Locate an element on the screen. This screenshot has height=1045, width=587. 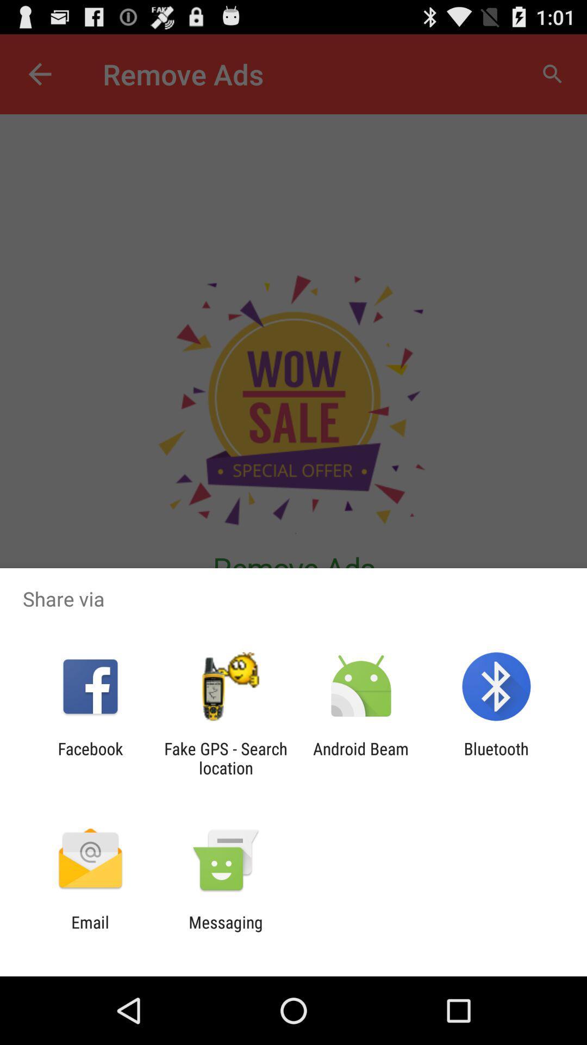
the item next to android beam app is located at coordinates (225, 758).